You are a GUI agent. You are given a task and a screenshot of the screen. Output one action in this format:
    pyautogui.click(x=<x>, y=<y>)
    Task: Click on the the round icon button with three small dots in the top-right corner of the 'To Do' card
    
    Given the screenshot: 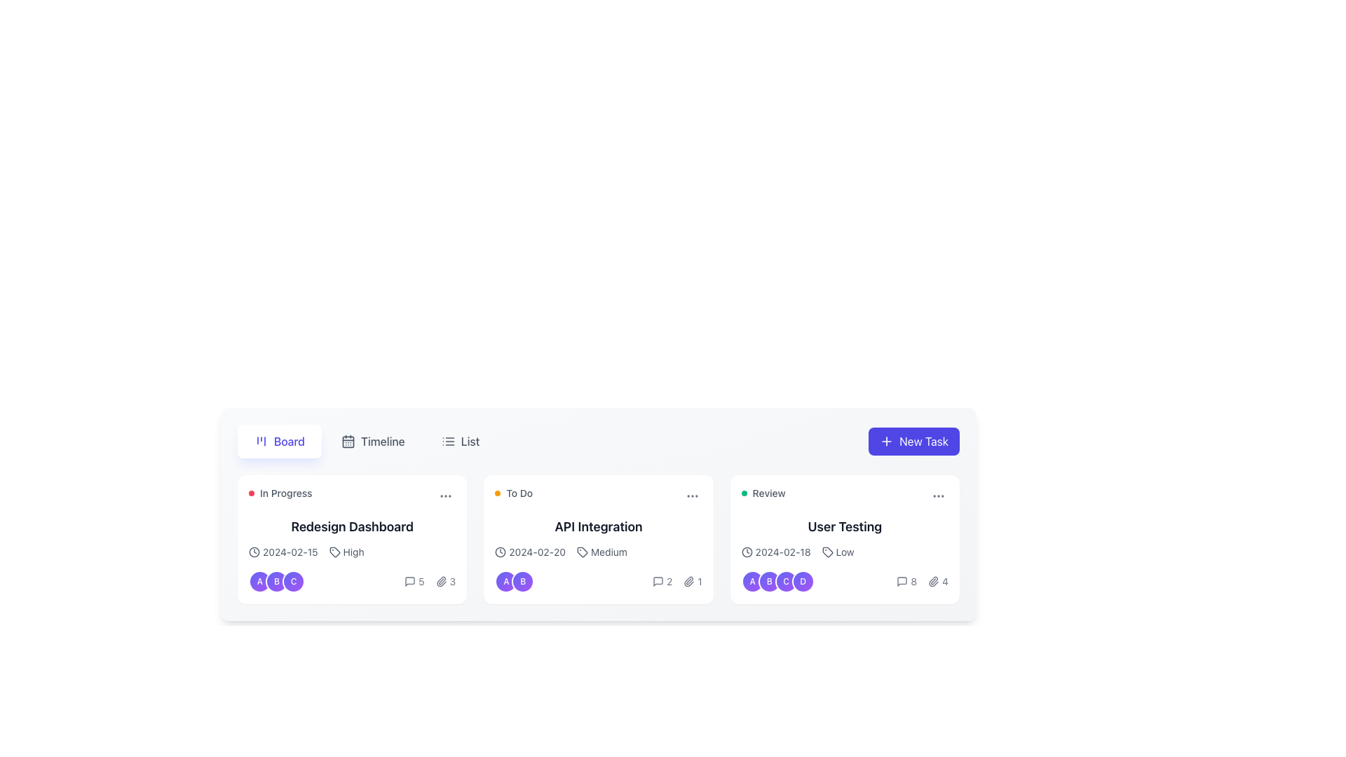 What is the action you would take?
    pyautogui.click(x=692, y=496)
    